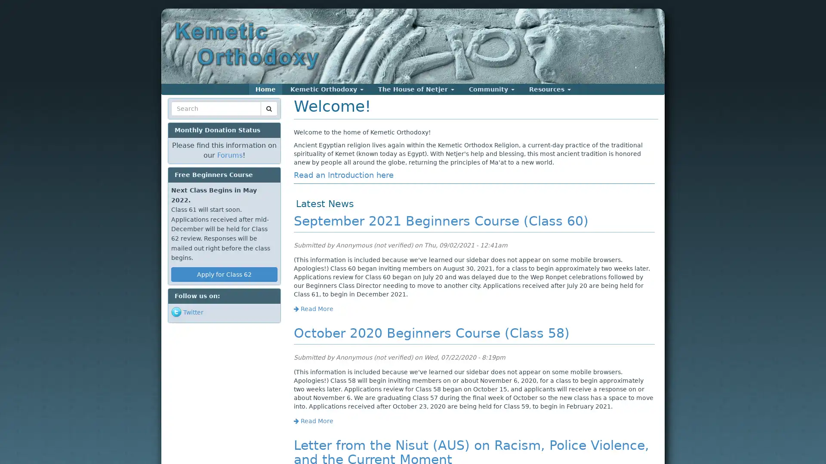 Image resolution: width=826 pixels, height=464 pixels. I want to click on Search, so click(187, 119).